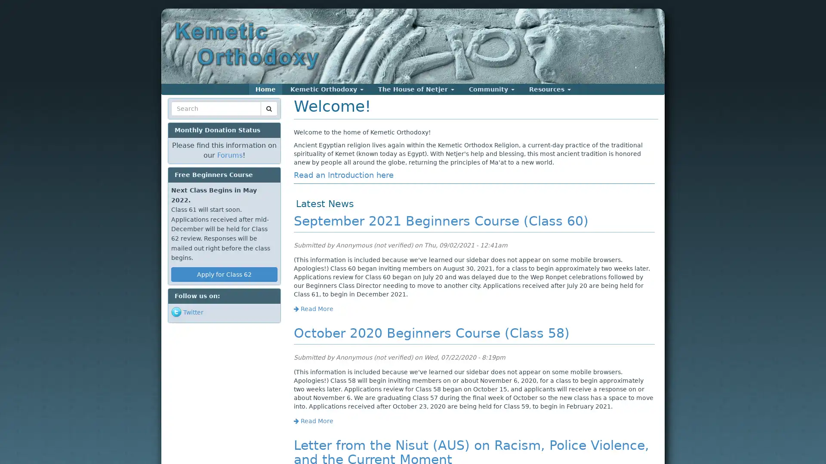 Image resolution: width=826 pixels, height=464 pixels. I want to click on Search, so click(187, 119).